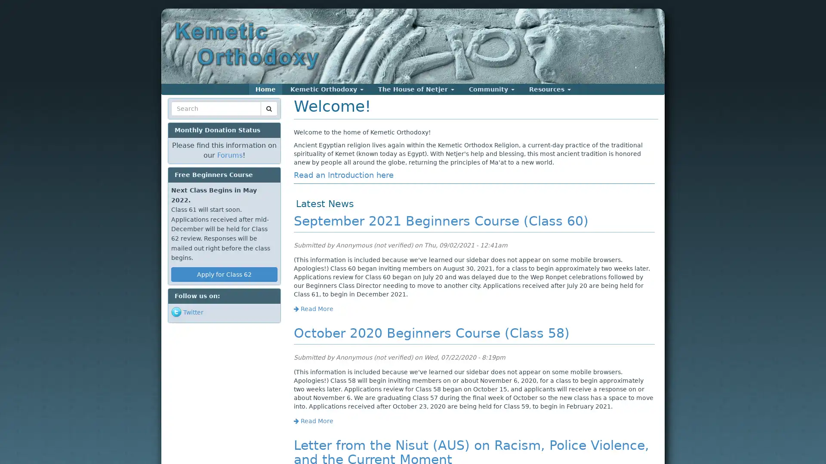 Image resolution: width=826 pixels, height=464 pixels. I want to click on Search, so click(187, 119).